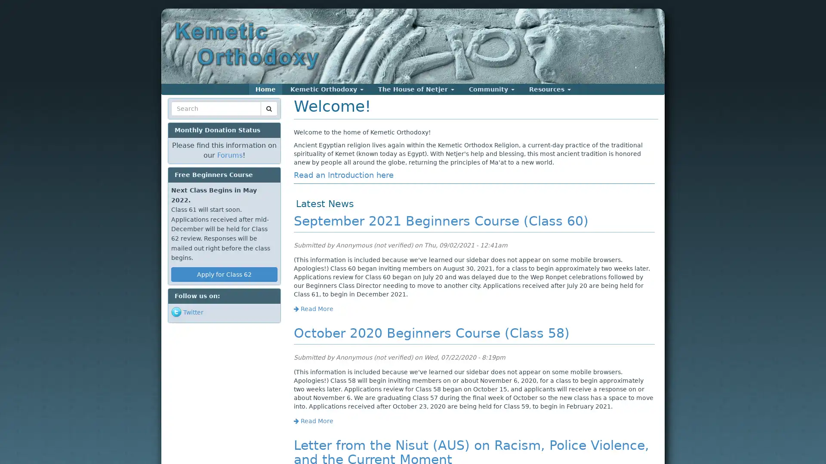 Image resolution: width=826 pixels, height=464 pixels. I want to click on Search, so click(187, 119).